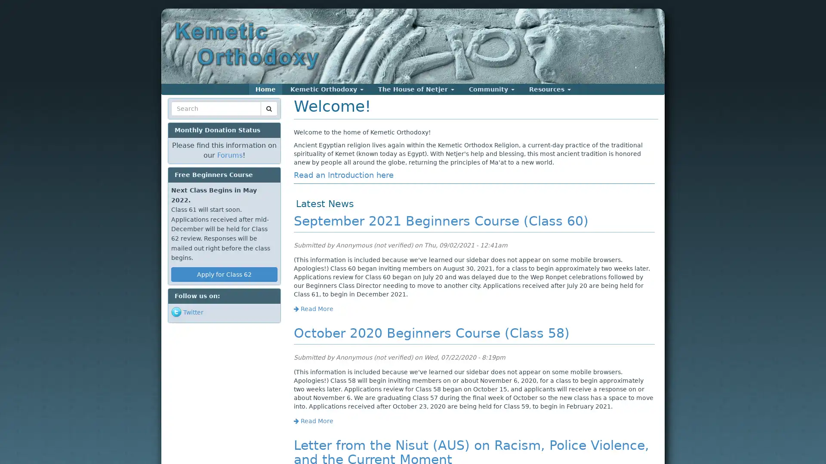 Image resolution: width=826 pixels, height=464 pixels. I want to click on Search, so click(187, 119).